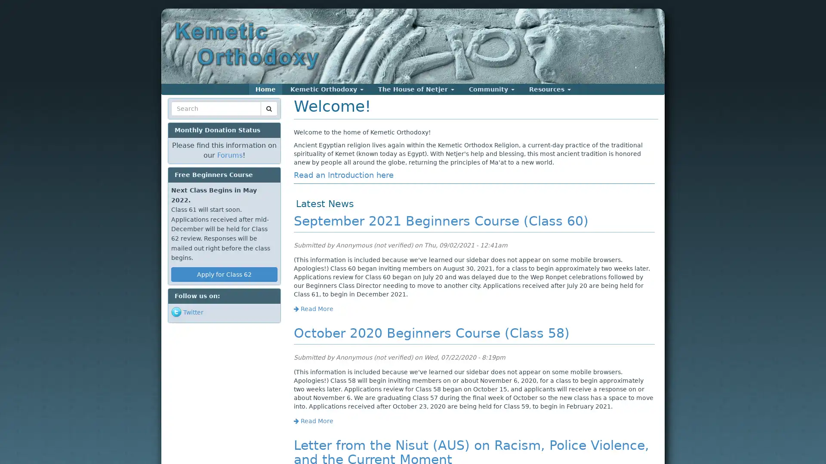 Image resolution: width=826 pixels, height=464 pixels. I want to click on Search, so click(187, 119).